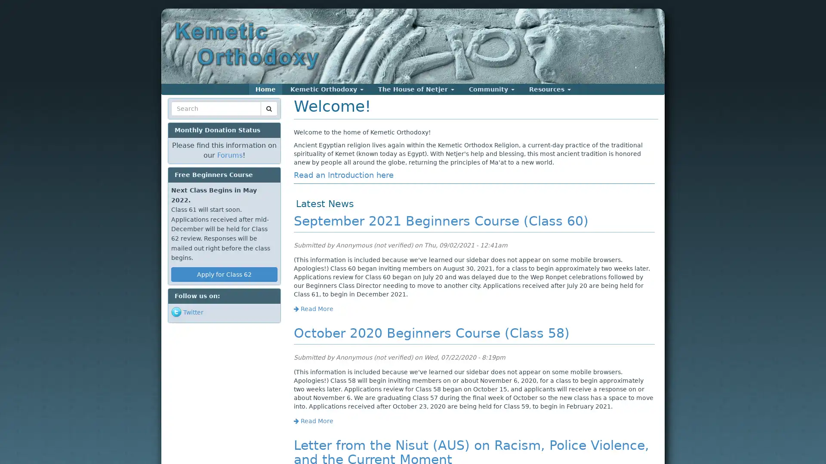 Image resolution: width=826 pixels, height=464 pixels. I want to click on Search, so click(187, 119).